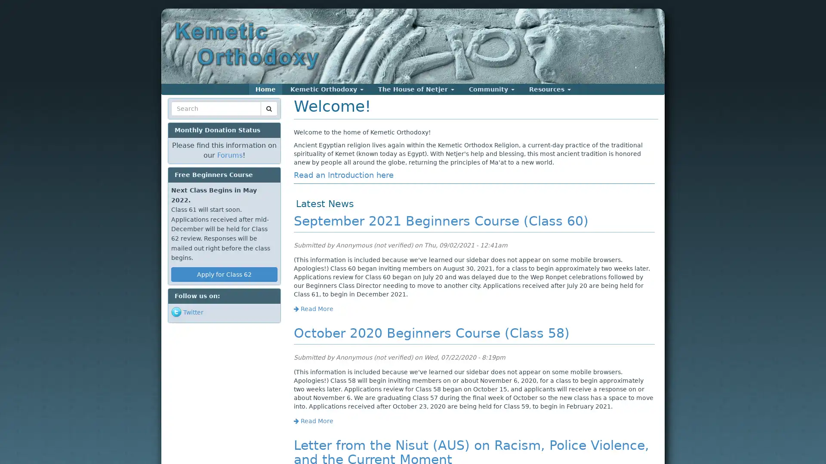 Image resolution: width=826 pixels, height=464 pixels. I want to click on Search, so click(187, 119).